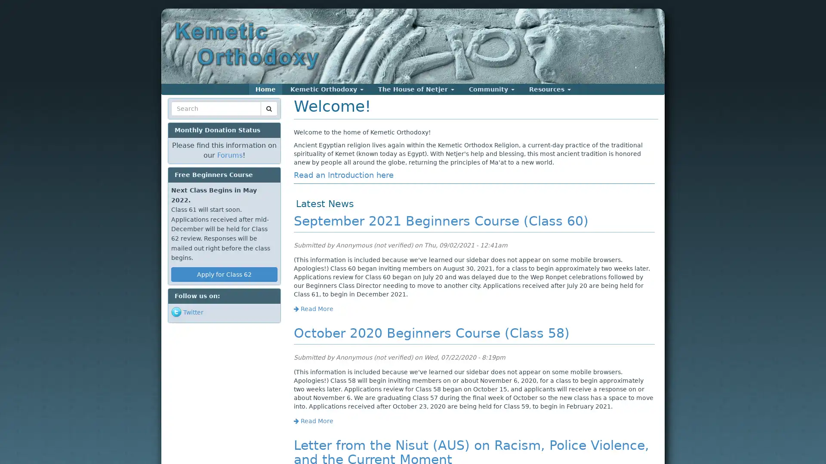 Image resolution: width=826 pixels, height=464 pixels. I want to click on Search, so click(187, 119).